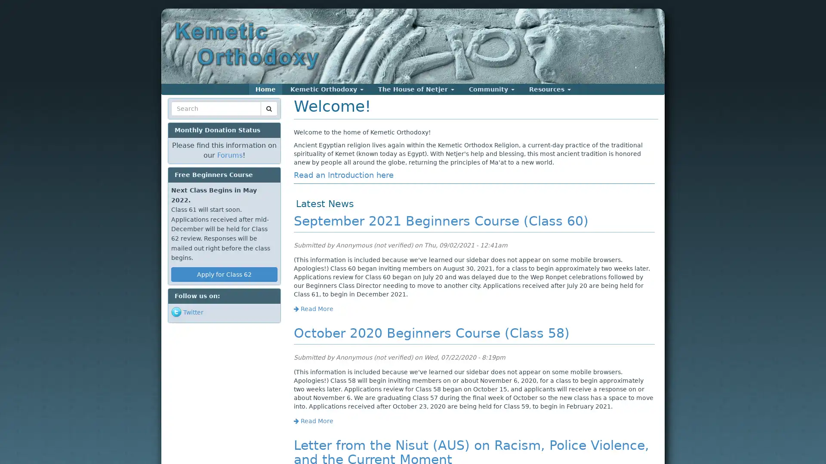 Image resolution: width=826 pixels, height=464 pixels. I want to click on Search, so click(187, 119).